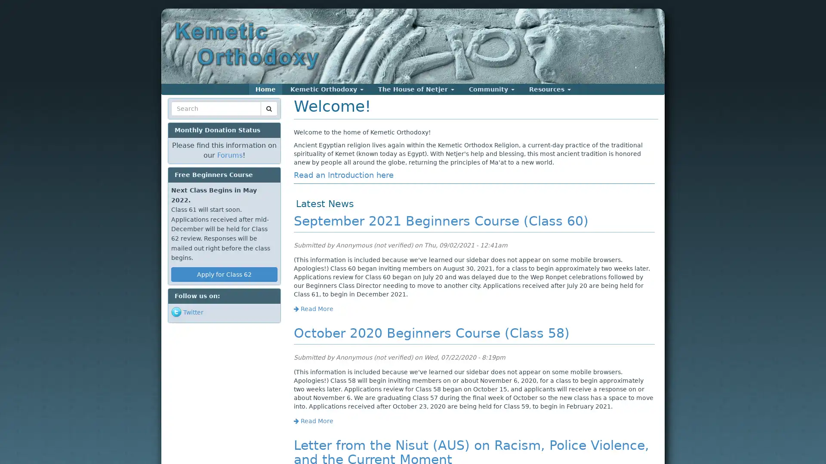 Image resolution: width=826 pixels, height=464 pixels. I want to click on Search, so click(187, 119).